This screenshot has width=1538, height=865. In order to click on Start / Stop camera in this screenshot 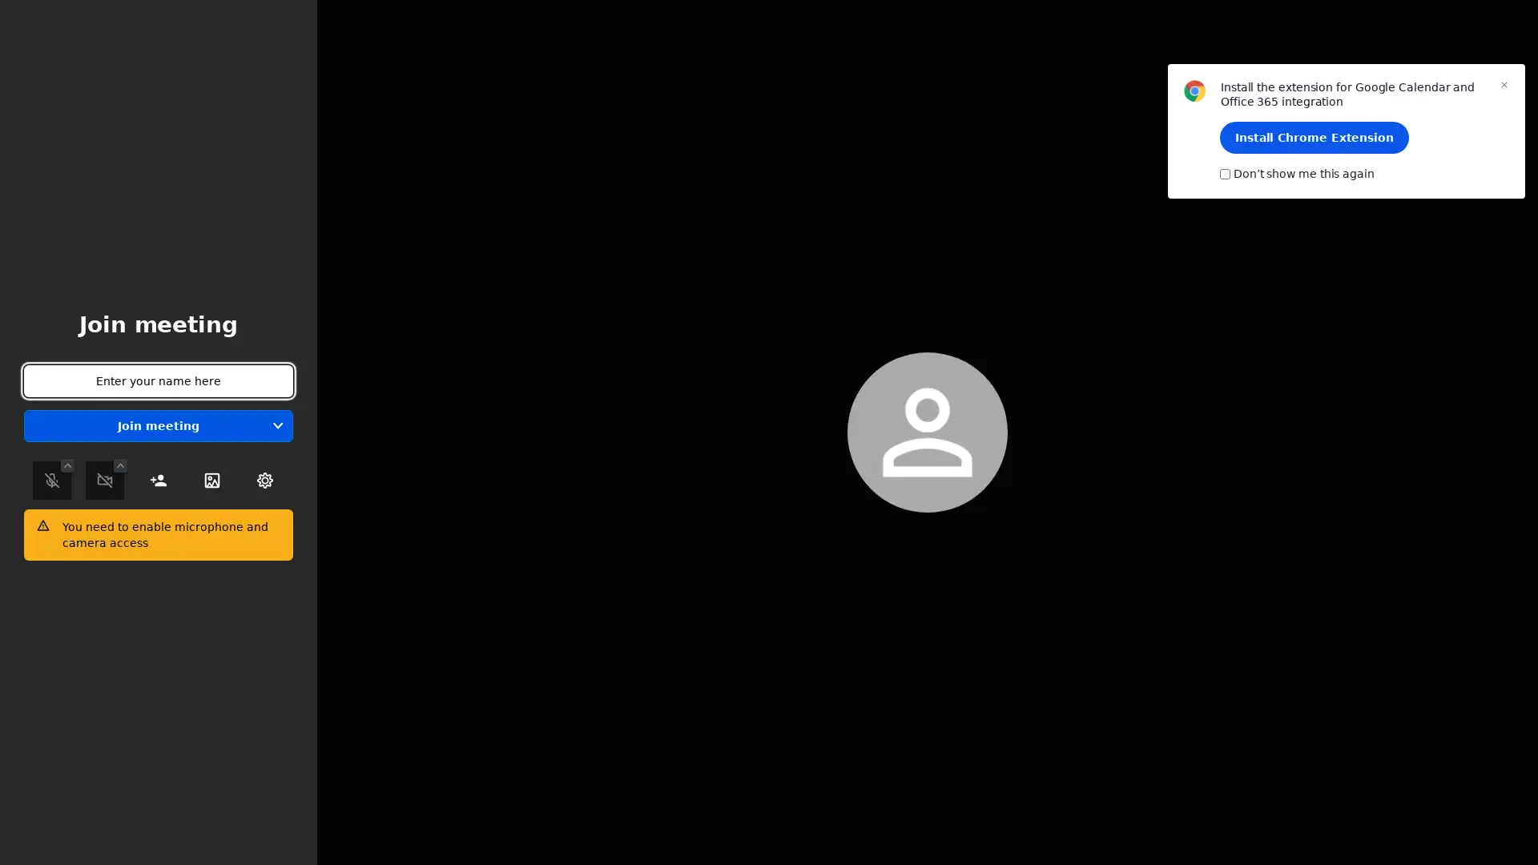, I will do `click(103, 480)`.